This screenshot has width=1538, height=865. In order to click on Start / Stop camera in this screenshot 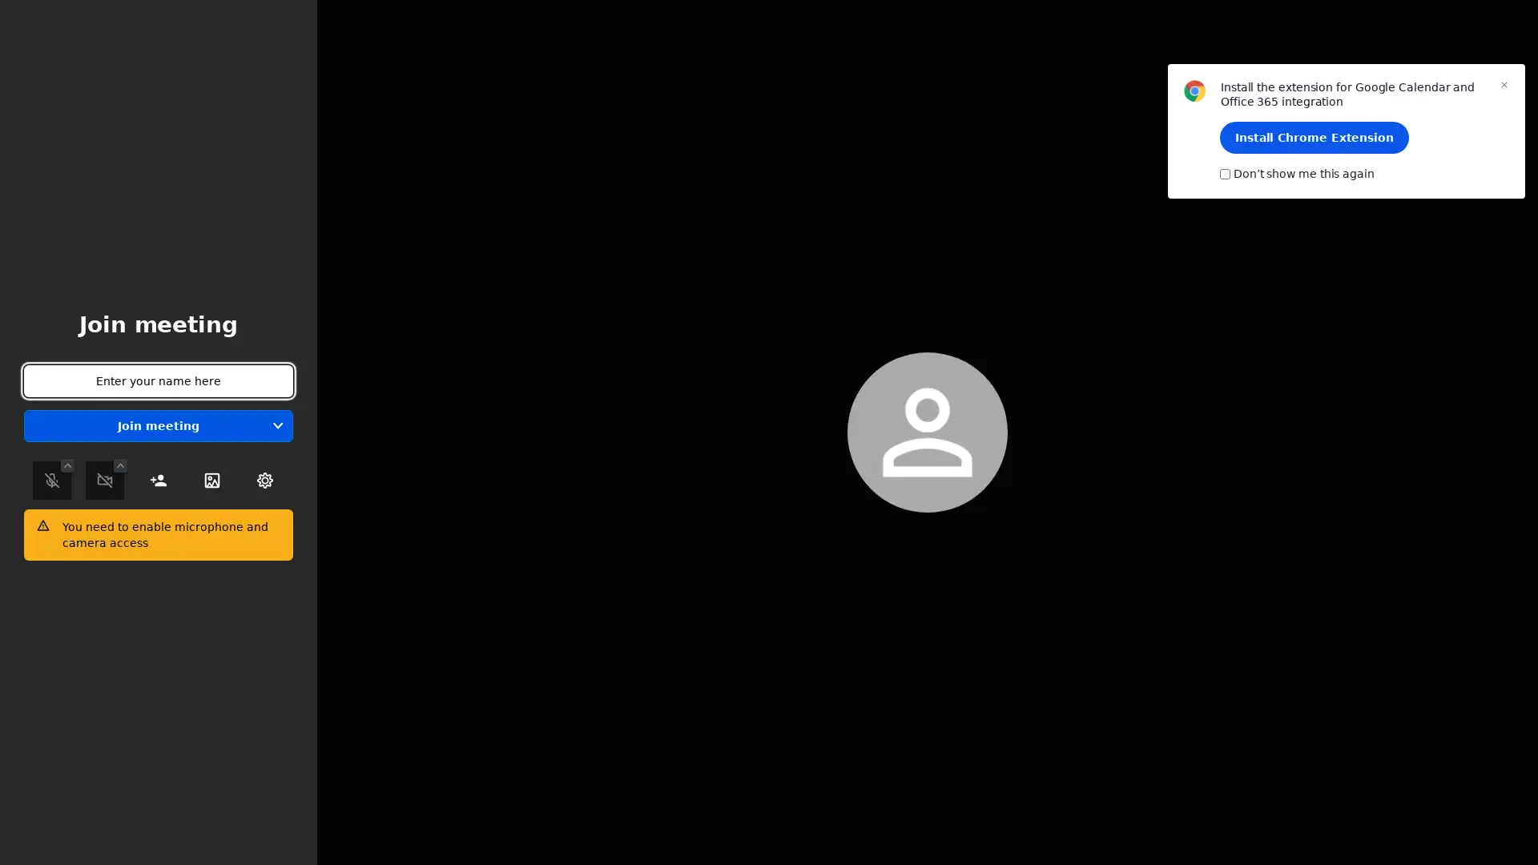, I will do `click(103, 480)`.